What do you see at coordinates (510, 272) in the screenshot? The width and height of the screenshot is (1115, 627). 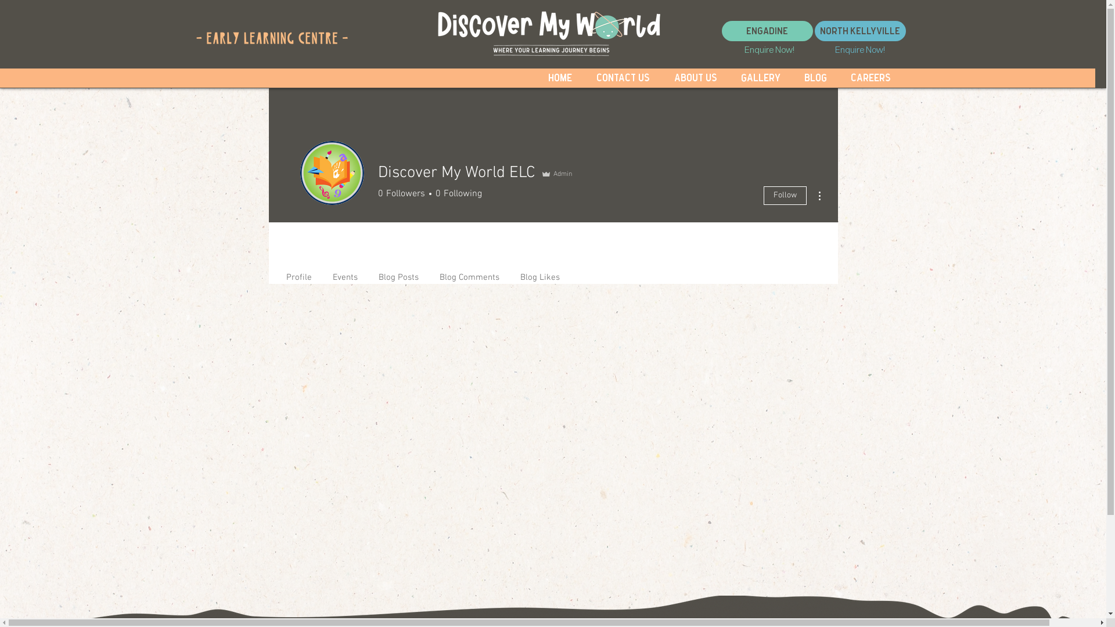 I see `'Blog Likes'` at bounding box center [510, 272].